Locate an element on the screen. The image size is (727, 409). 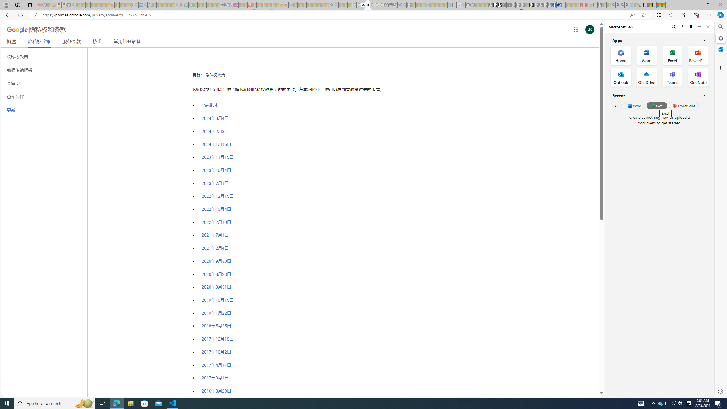
'Cheap Car Rentals - Save70.com - Sleeping' is located at coordinates (399, 5).